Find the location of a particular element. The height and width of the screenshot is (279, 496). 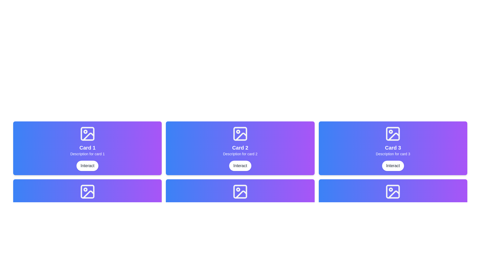

the image icon with a white stroke located in the second row, third position of the grid layout inside the 'Card 3' section is located at coordinates (393, 191).